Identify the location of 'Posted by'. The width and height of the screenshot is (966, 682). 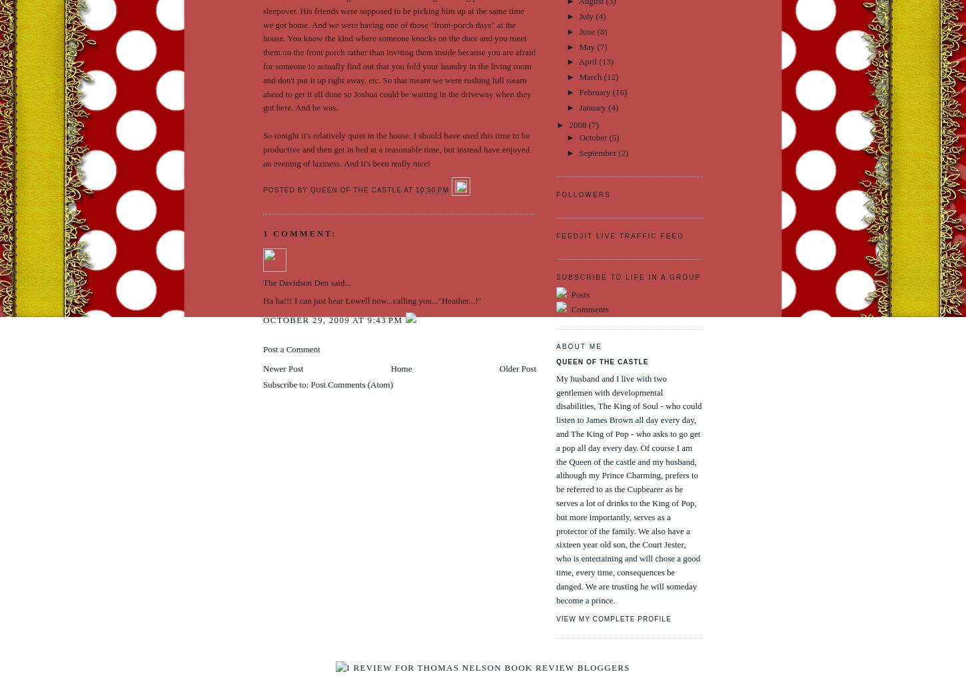
(262, 190).